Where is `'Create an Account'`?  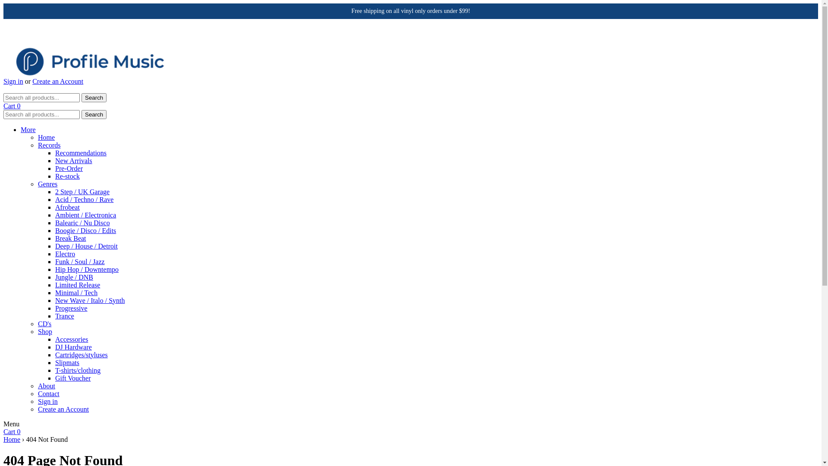
'Create an Account' is located at coordinates (63, 409).